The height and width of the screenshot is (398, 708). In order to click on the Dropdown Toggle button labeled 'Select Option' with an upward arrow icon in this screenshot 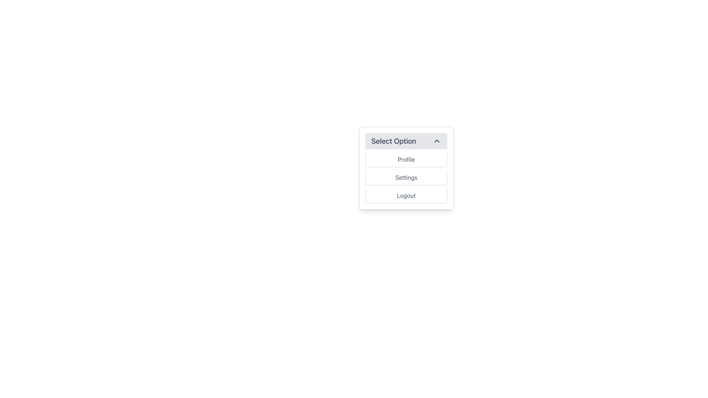, I will do `click(406, 141)`.